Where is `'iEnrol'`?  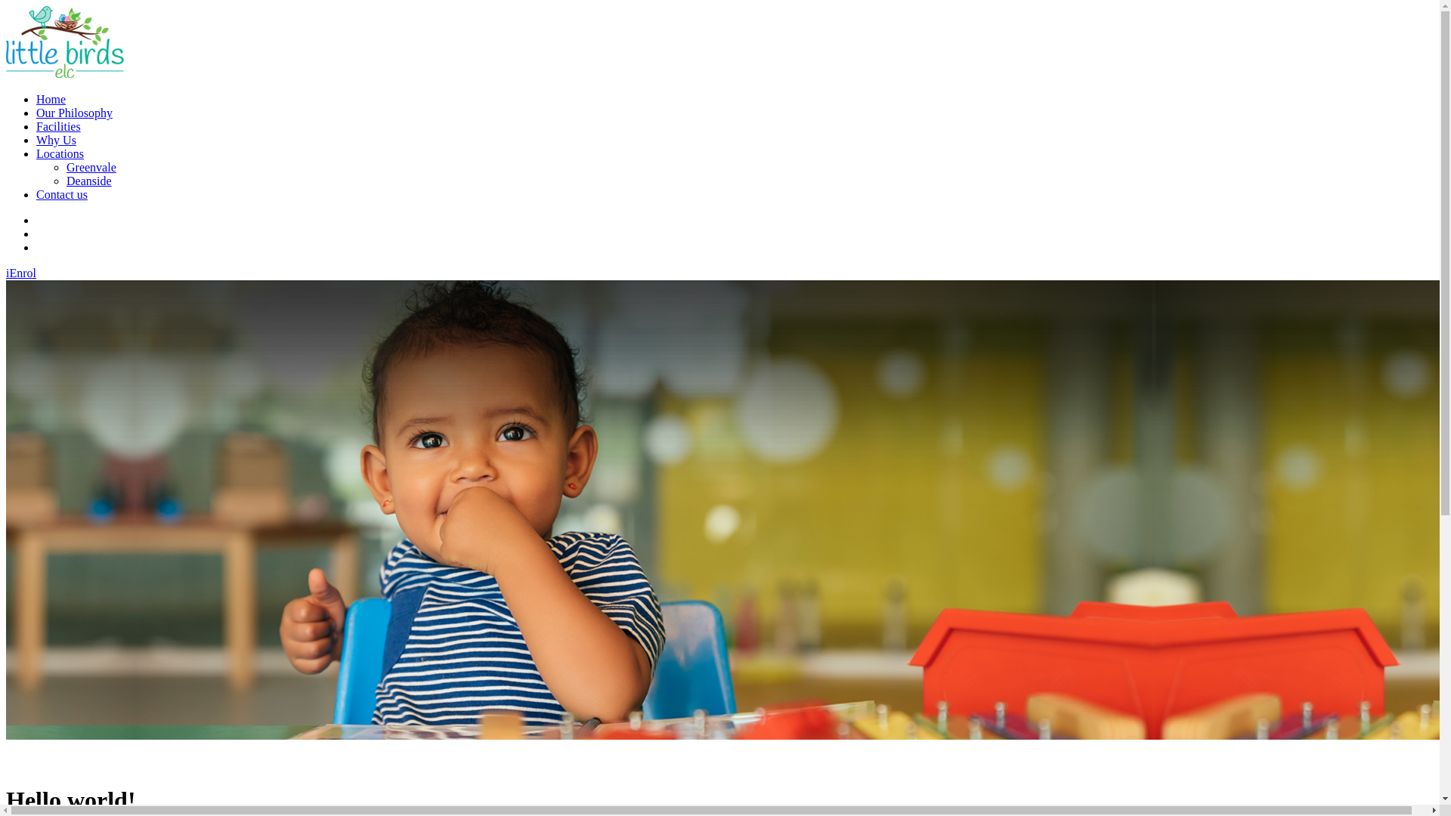
'iEnrol' is located at coordinates (21, 273).